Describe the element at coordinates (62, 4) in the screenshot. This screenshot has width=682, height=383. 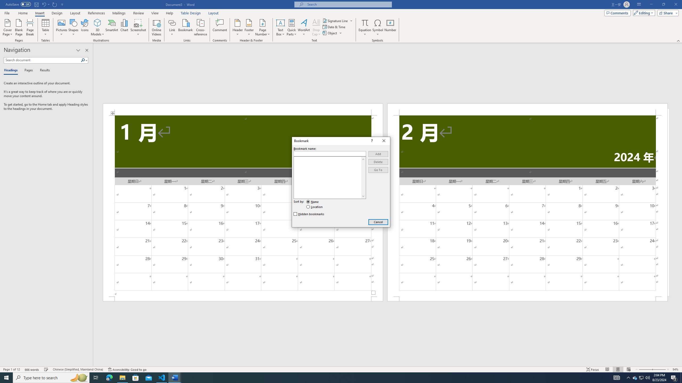
I see `'Customize Quick Access Toolbar'` at that location.